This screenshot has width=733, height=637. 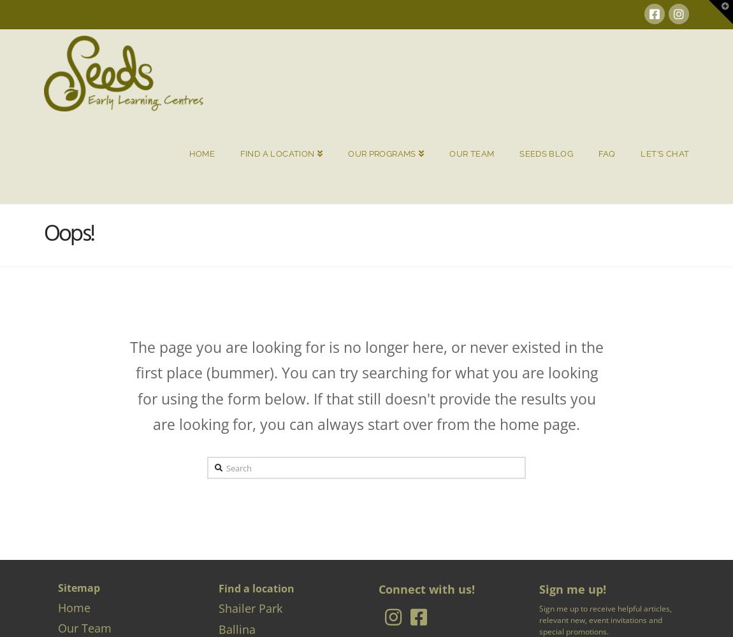 I want to click on 'Ballina', so click(x=236, y=628).